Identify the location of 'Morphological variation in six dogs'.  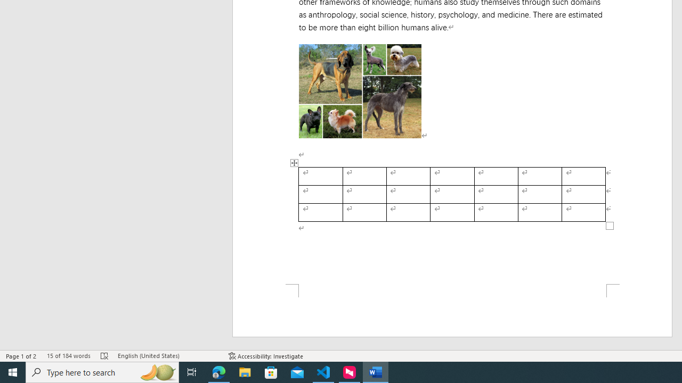
(360, 90).